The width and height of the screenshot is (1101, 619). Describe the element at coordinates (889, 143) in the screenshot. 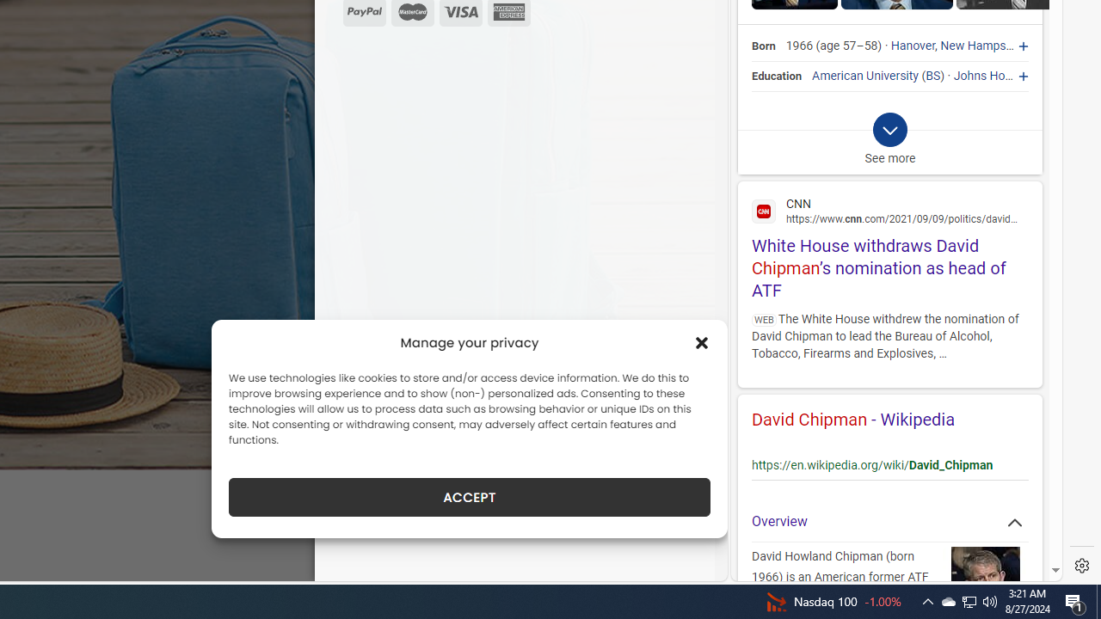

I see `'See more'` at that location.